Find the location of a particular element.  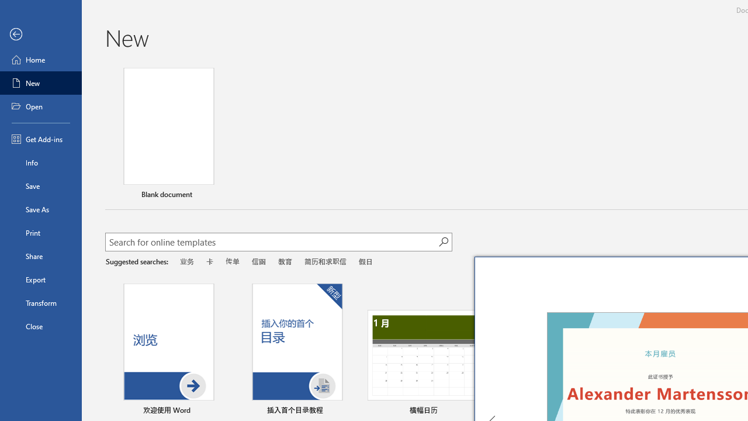

'New' is located at coordinates (40, 82).